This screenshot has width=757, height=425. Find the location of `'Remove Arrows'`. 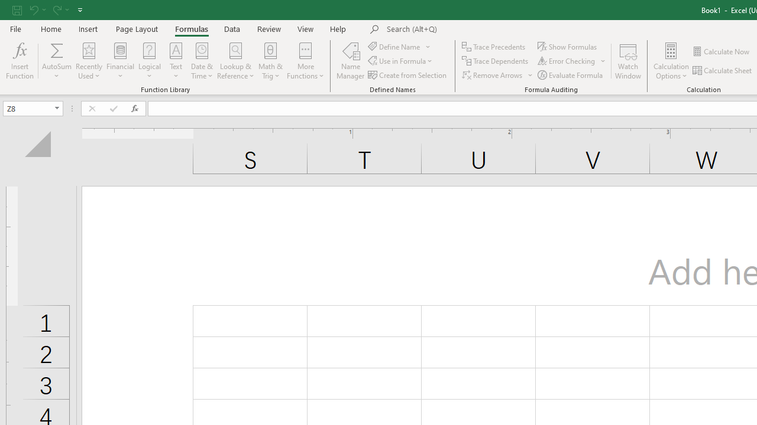

'Remove Arrows' is located at coordinates (493, 75).